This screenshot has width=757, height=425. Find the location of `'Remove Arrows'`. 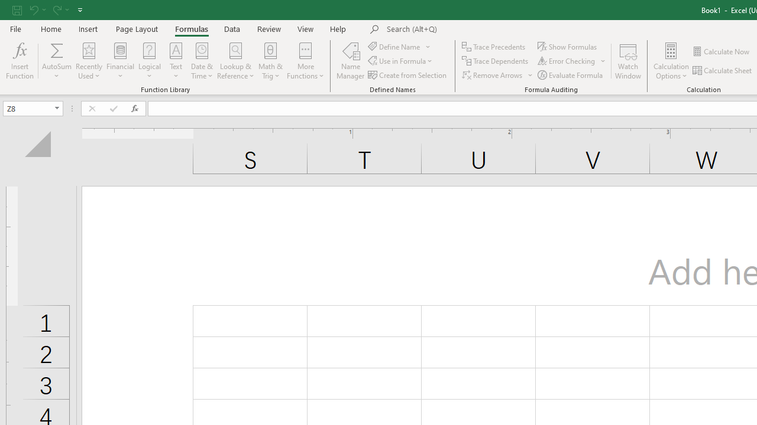

'Remove Arrows' is located at coordinates (493, 75).